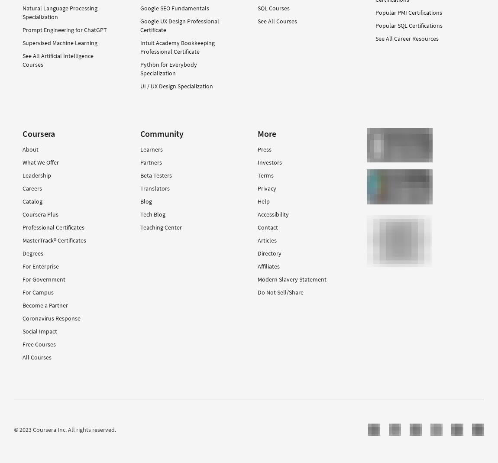 This screenshot has height=463, width=498. What do you see at coordinates (264, 149) in the screenshot?
I see `'Press'` at bounding box center [264, 149].